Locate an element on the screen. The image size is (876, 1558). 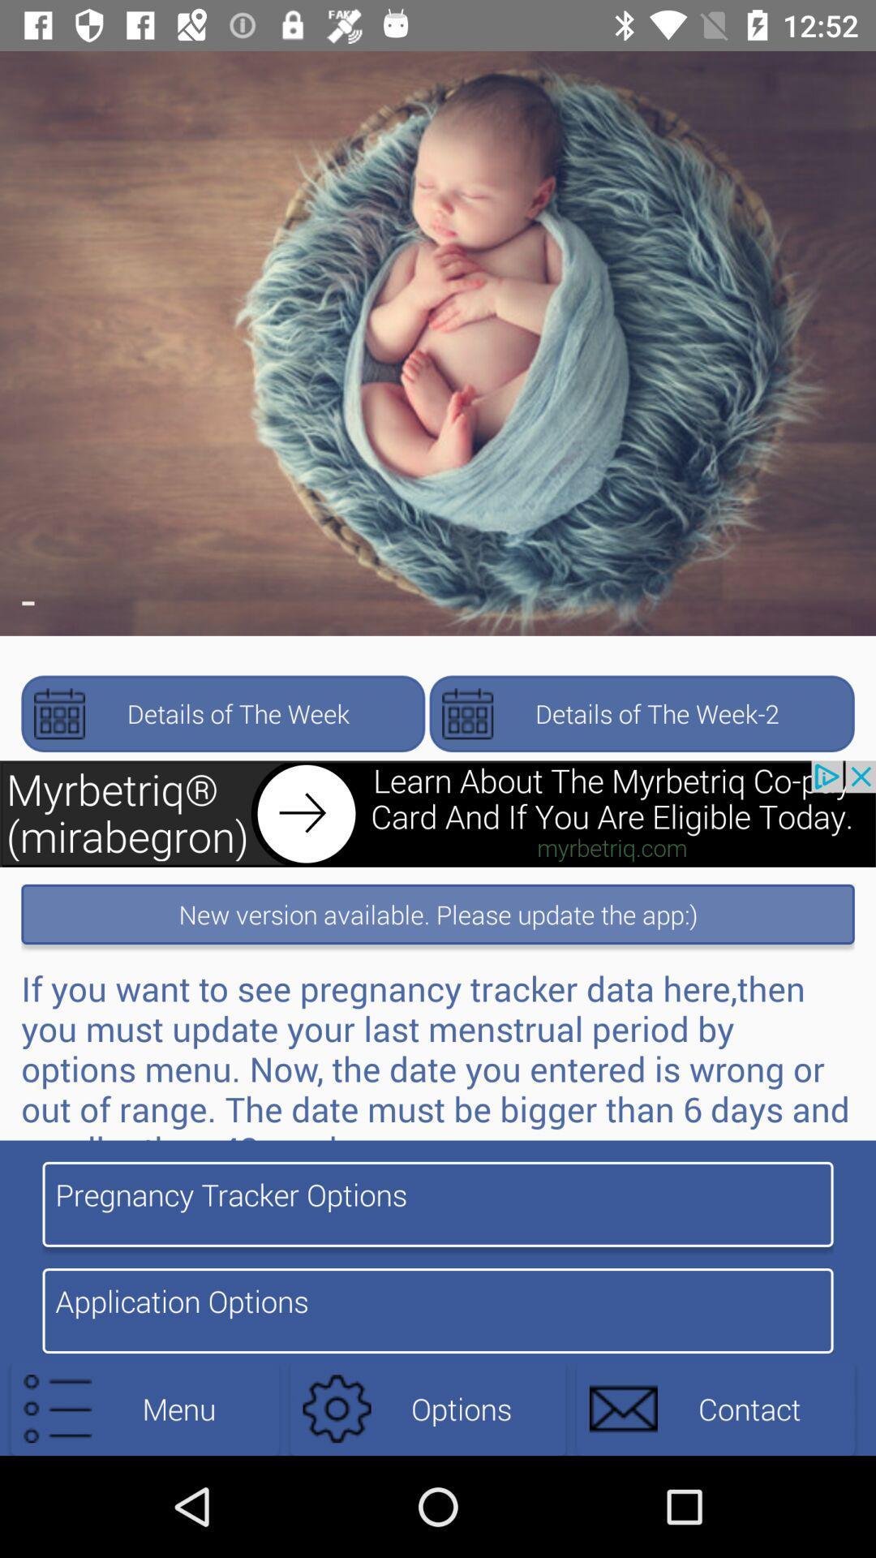
menu and its icon is located at coordinates (144, 1408).